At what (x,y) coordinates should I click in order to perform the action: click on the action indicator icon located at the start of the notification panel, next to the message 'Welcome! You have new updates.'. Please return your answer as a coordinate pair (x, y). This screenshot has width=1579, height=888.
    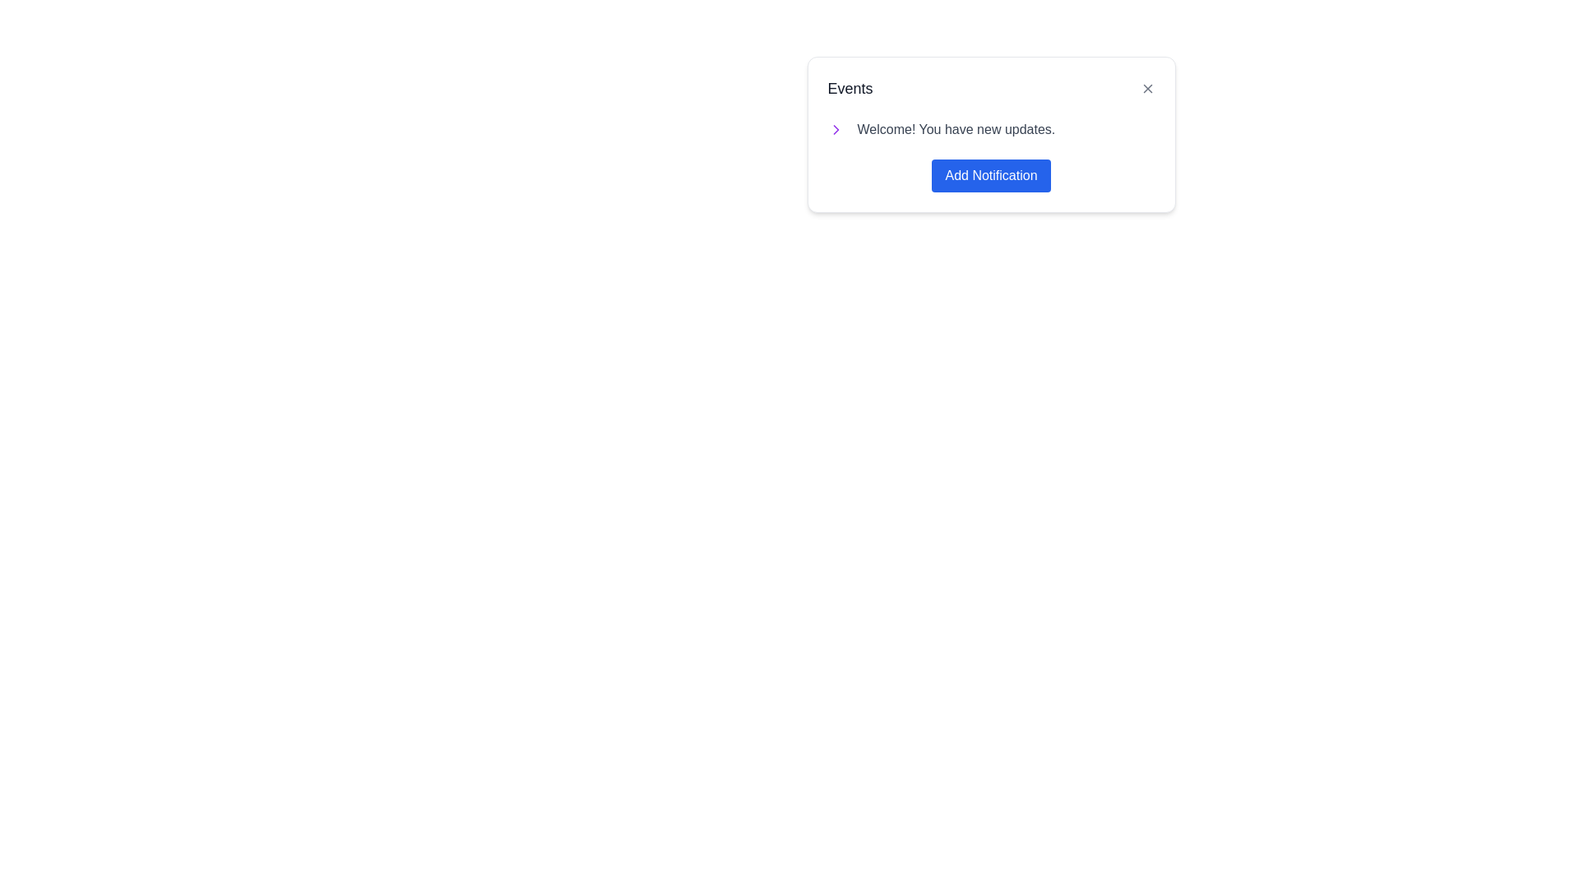
    Looking at the image, I should click on (836, 129).